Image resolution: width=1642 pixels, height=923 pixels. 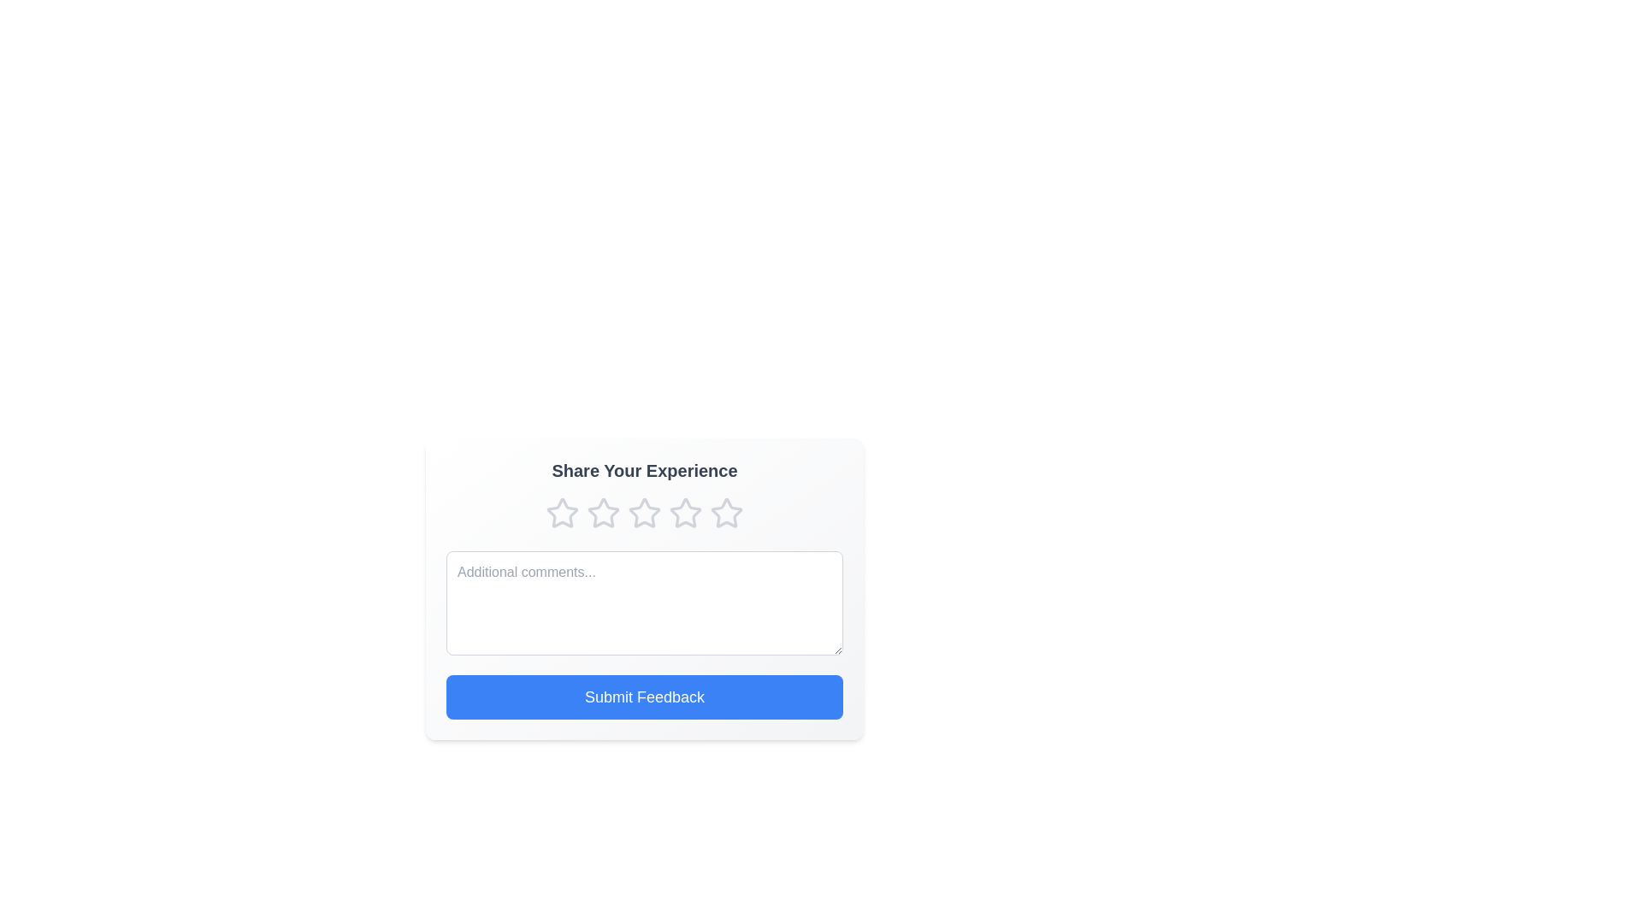 What do you see at coordinates (643, 512) in the screenshot?
I see `the third star icon in the 5-star rating system to rate it below the 'Share Your Experience' label` at bounding box center [643, 512].